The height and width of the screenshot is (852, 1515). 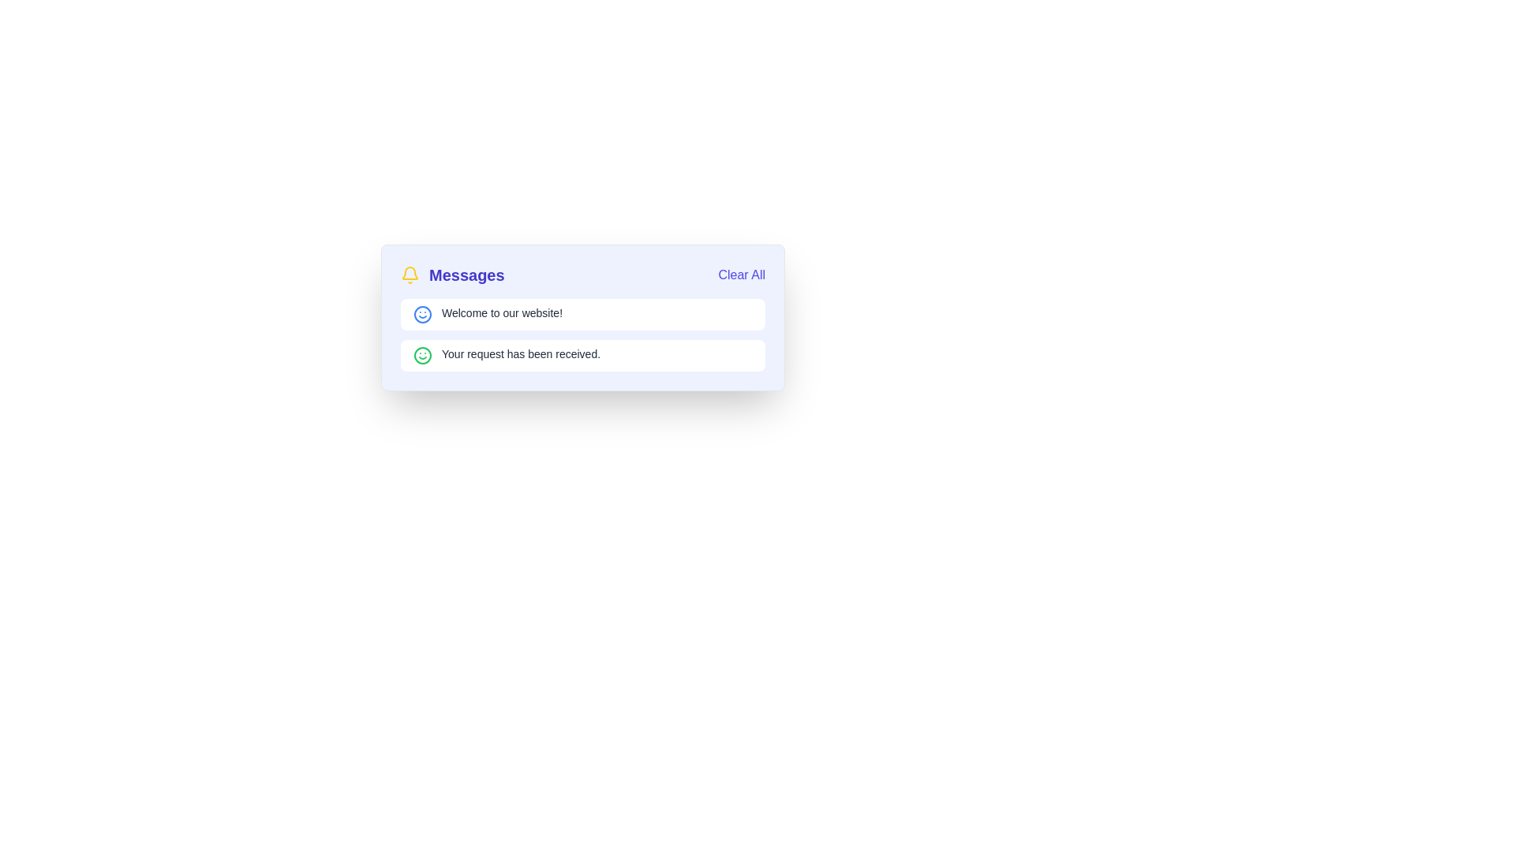 I want to click on the welcoming message text located within a rounded rectangle component, which is positioned next to a blue smiley emoji icon on the left side, so click(x=501, y=313).